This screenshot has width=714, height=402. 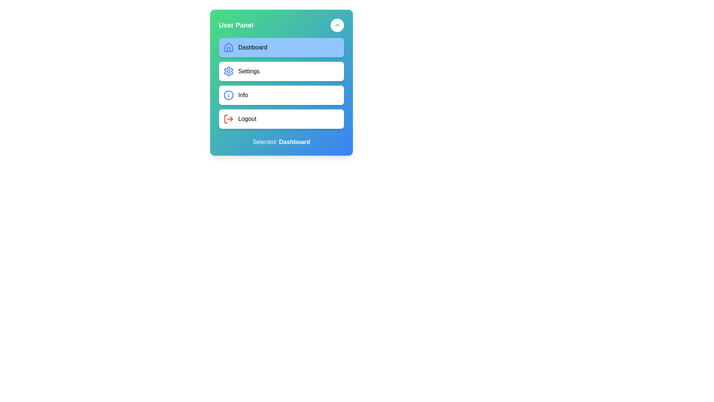 I want to click on the 'Dashboard' icon located in the User Panel navigation menu for contextual understanding, so click(x=228, y=47).